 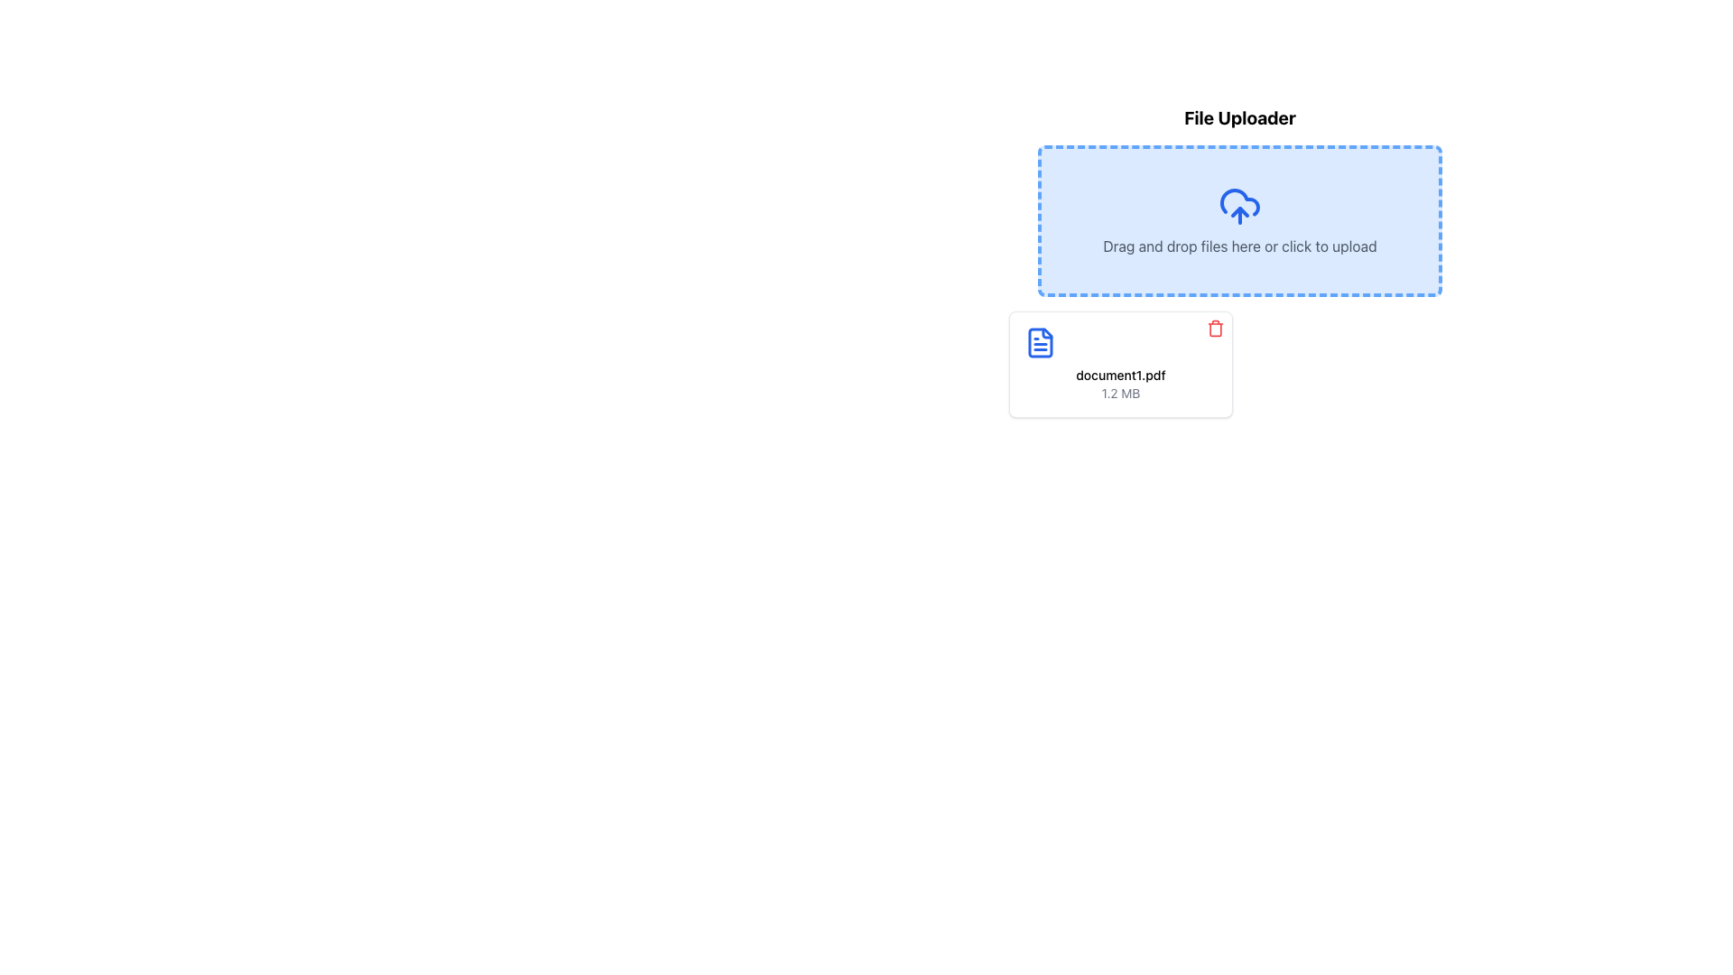 What do you see at coordinates (1216, 328) in the screenshot?
I see `the trash bin icon button located in the top-right corner of the file card interface` at bounding box center [1216, 328].